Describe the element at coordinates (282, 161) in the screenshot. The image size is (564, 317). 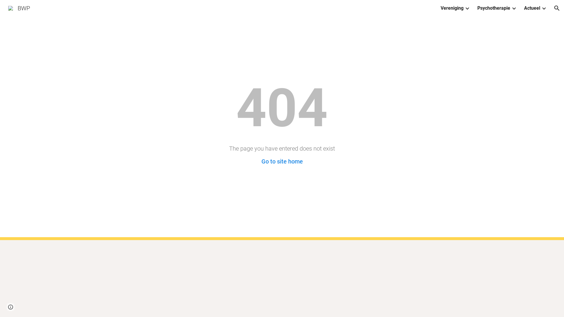
I see `'Go to site home'` at that location.